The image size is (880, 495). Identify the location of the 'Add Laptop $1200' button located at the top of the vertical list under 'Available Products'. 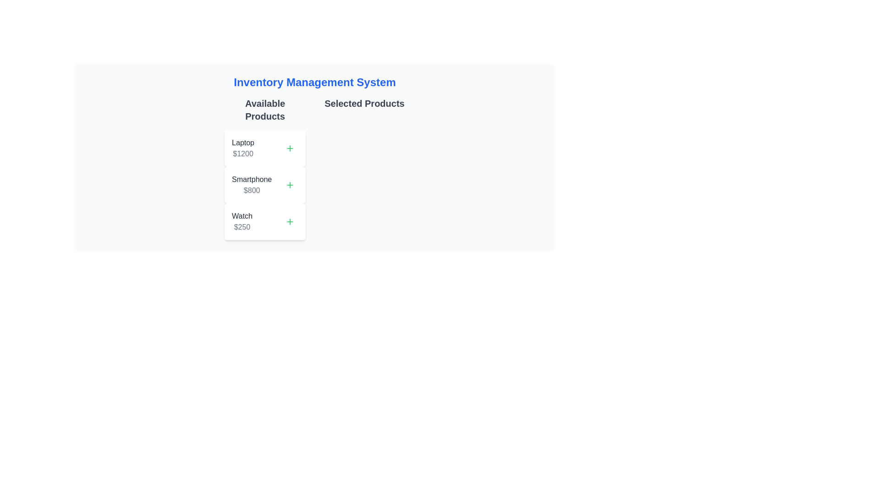
(290, 148).